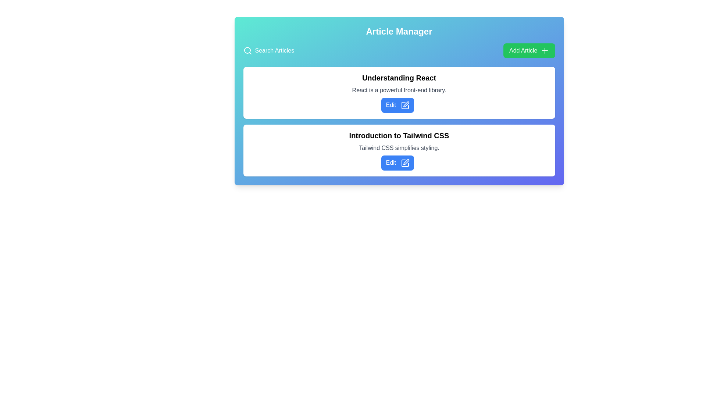 The height and width of the screenshot is (397, 706). Describe the element at coordinates (404, 162) in the screenshot. I see `the pen-like icon next to the 'Edit' label in the blue button within the second card titled 'Introduction to Tailwind CSS'` at that location.